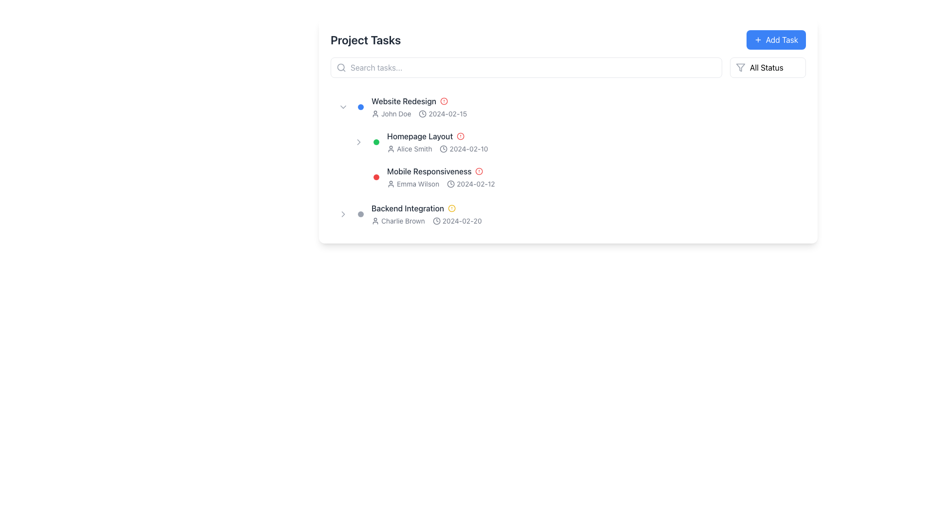 This screenshot has width=935, height=526. Describe the element at coordinates (468, 149) in the screenshot. I see `the static text label displaying the date '2024-02-10', which is located in the task list under the 'Homepage Layout' section, to the right of 'Alice Smith' and next to a clock icon` at that location.